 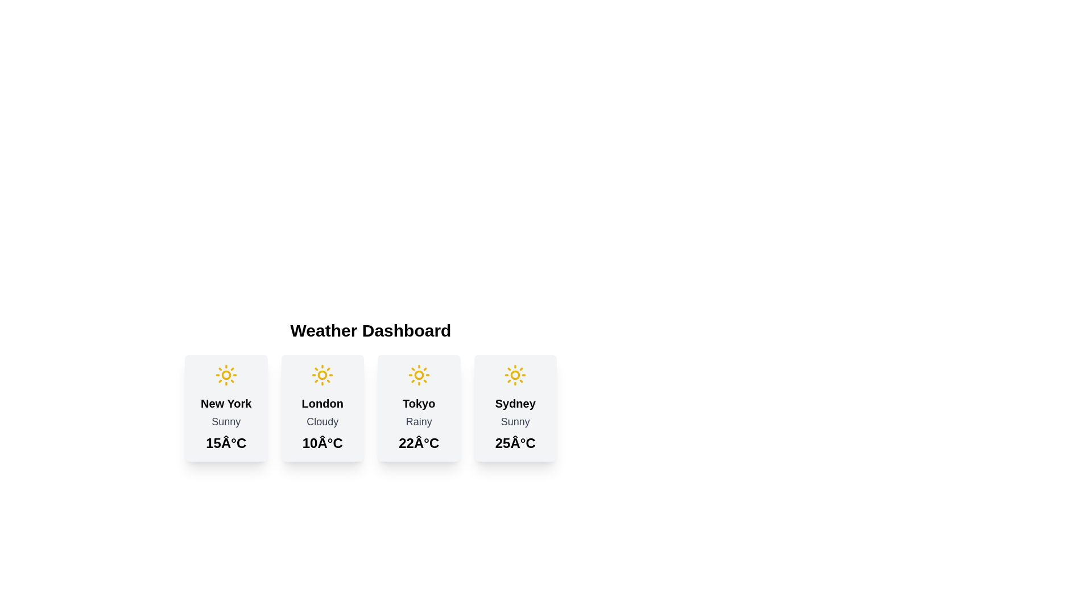 What do you see at coordinates (226, 375) in the screenshot?
I see `the small circular decorative graphic at the center of the sun illustration in the weather dashboard card labeled 'New York'` at bounding box center [226, 375].